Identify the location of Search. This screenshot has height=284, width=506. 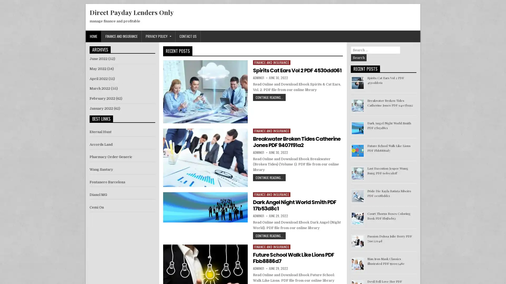
(358, 58).